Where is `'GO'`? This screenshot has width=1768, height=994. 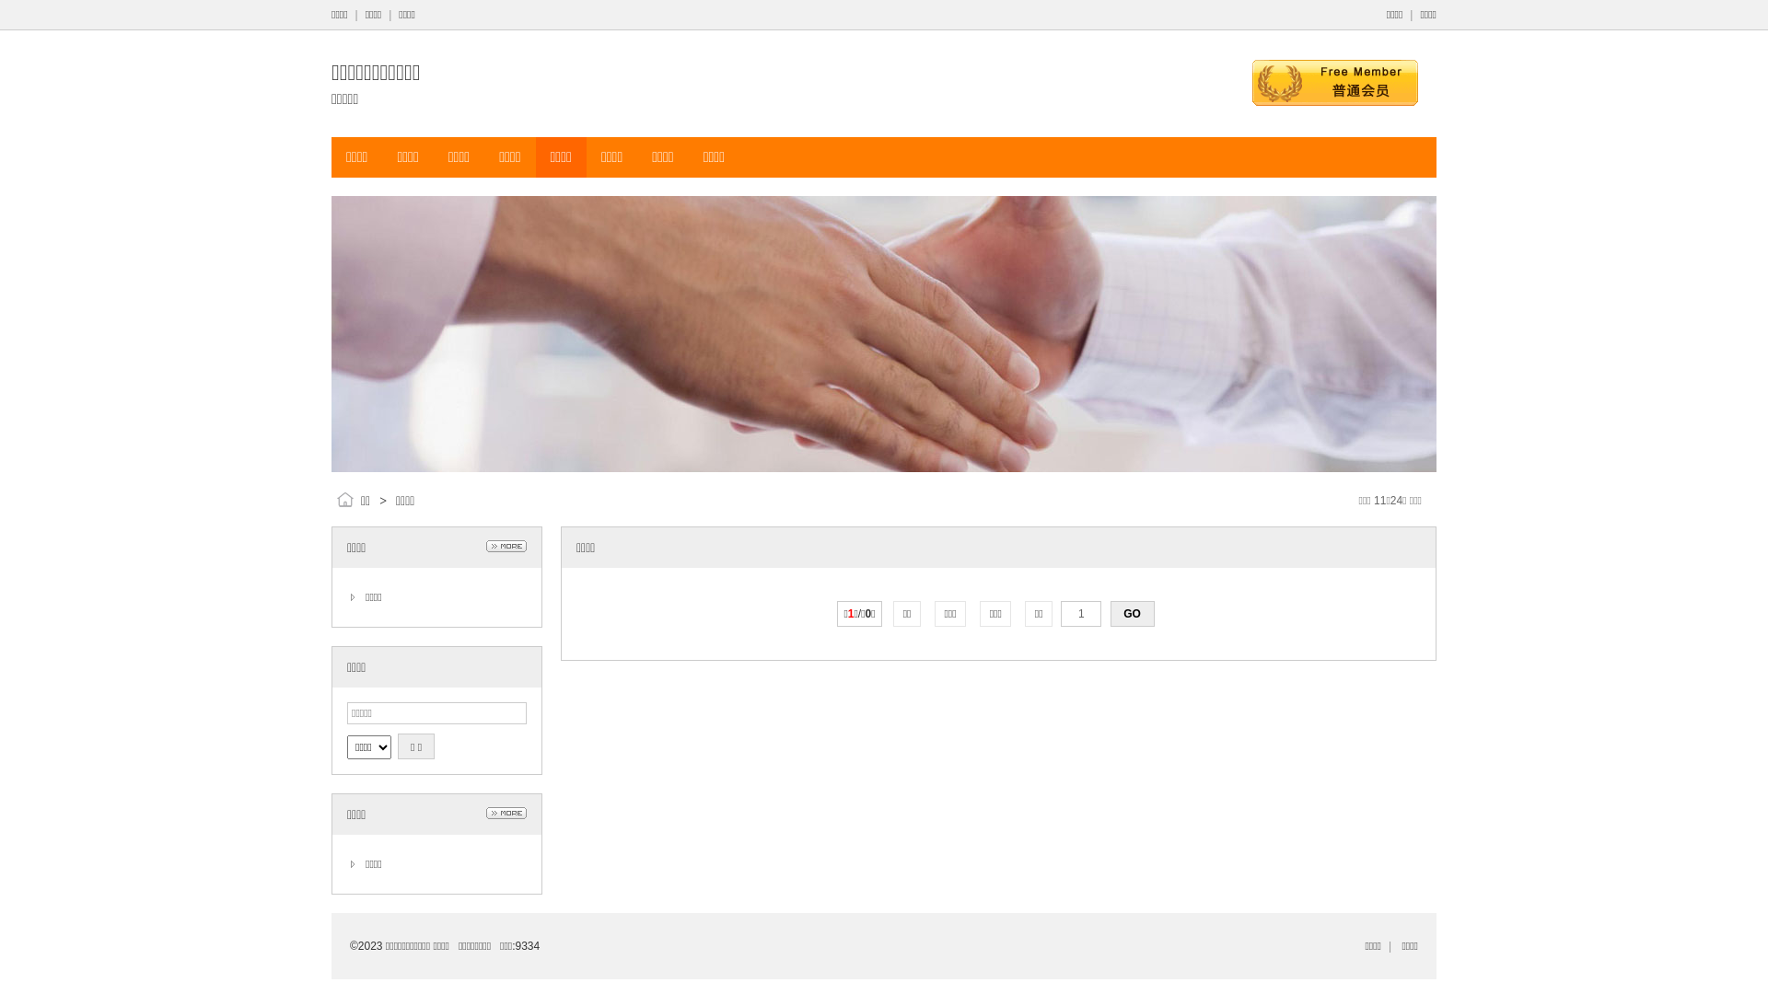 'GO' is located at coordinates (1131, 614).